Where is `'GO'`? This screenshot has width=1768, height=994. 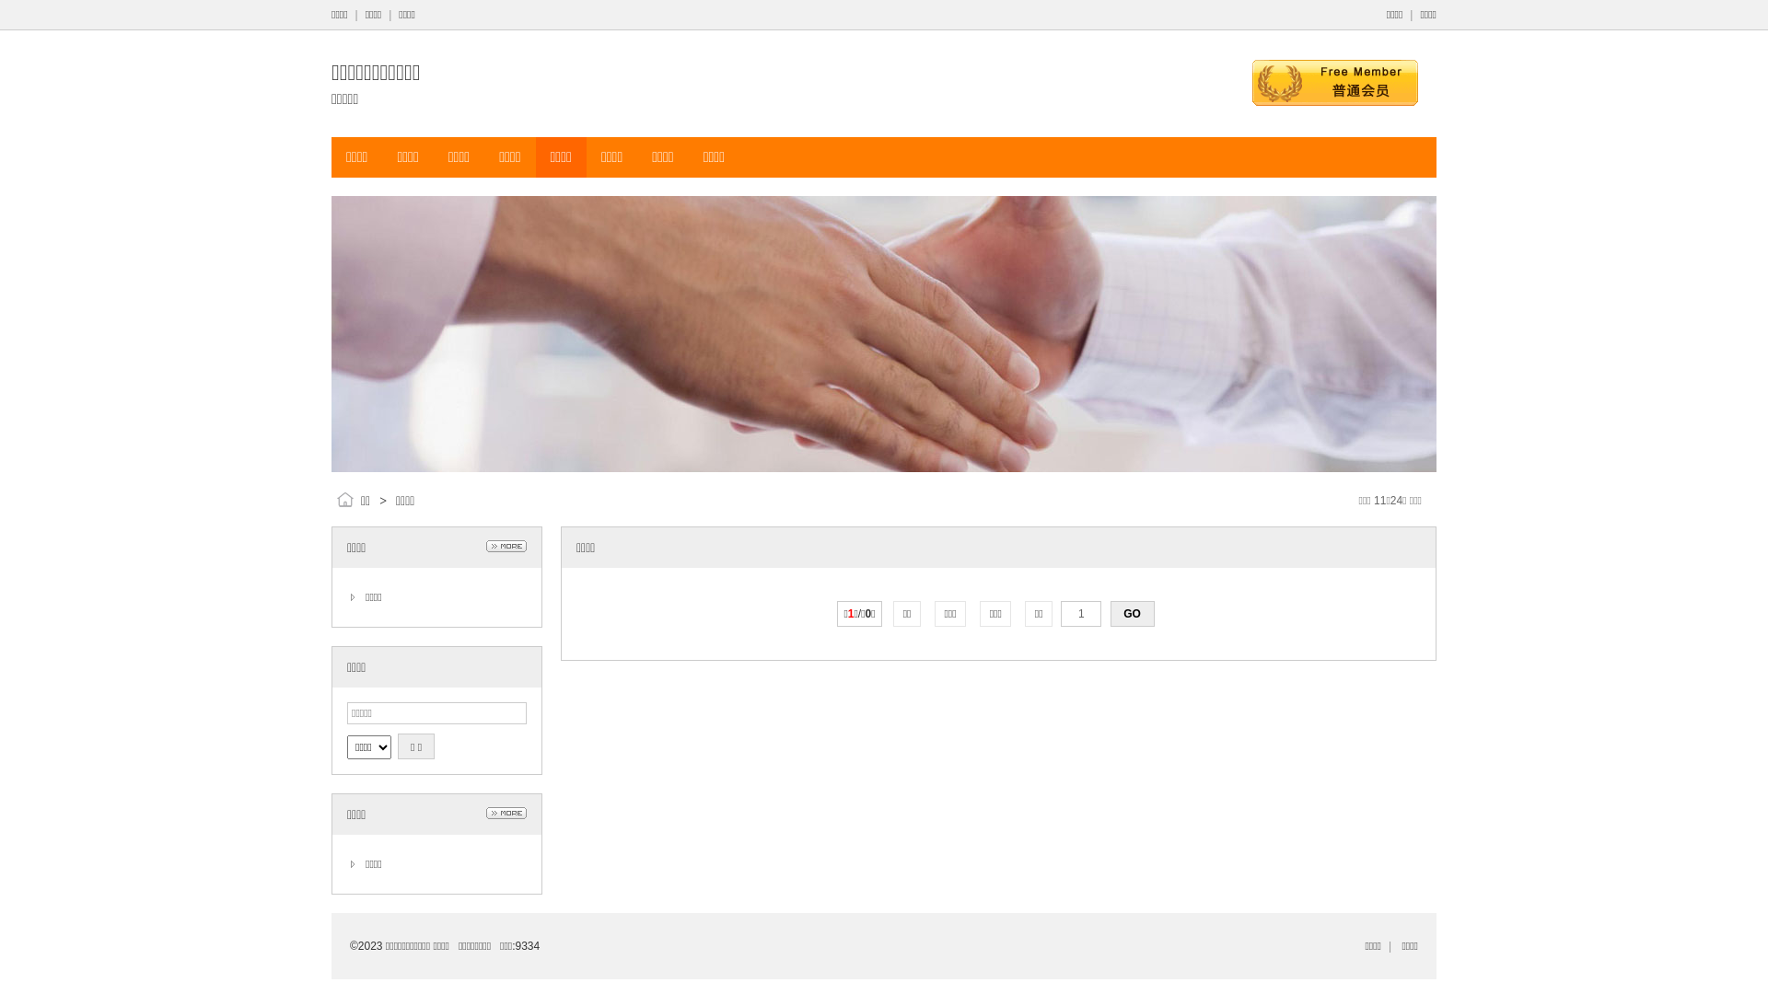 'GO' is located at coordinates (1131, 614).